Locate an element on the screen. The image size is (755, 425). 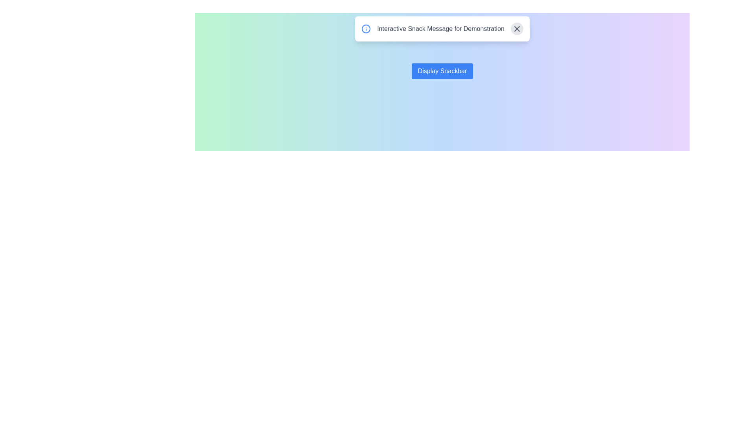
the close button of the snack message, which is located at the far right of the notification box containing an information icon and text is located at coordinates (517, 31).